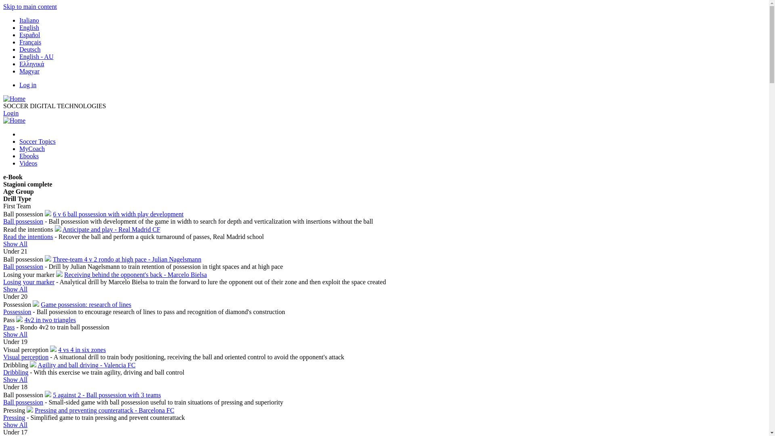 The image size is (775, 436). I want to click on 'Soccer Topics', so click(37, 141).